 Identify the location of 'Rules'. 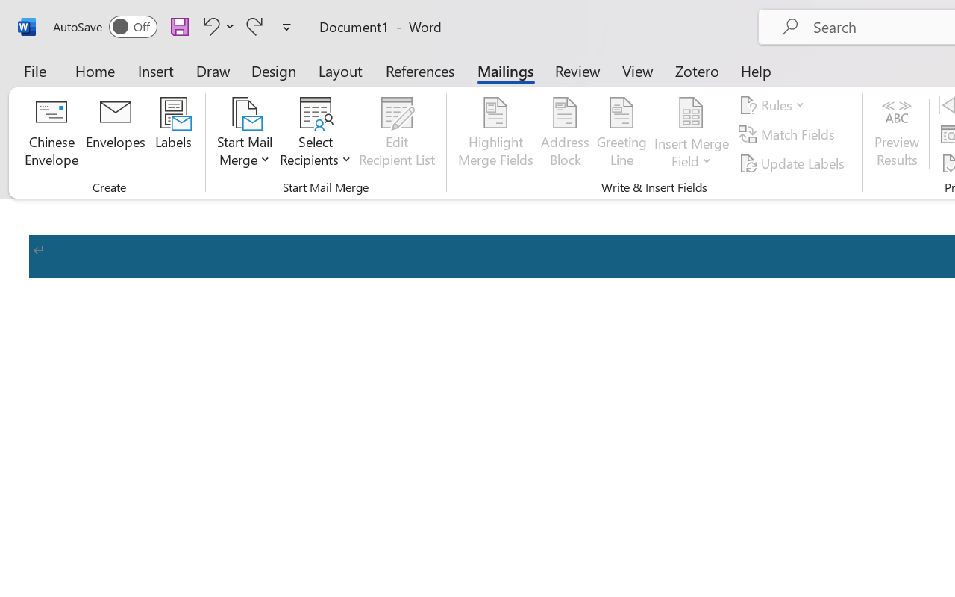
(774, 105).